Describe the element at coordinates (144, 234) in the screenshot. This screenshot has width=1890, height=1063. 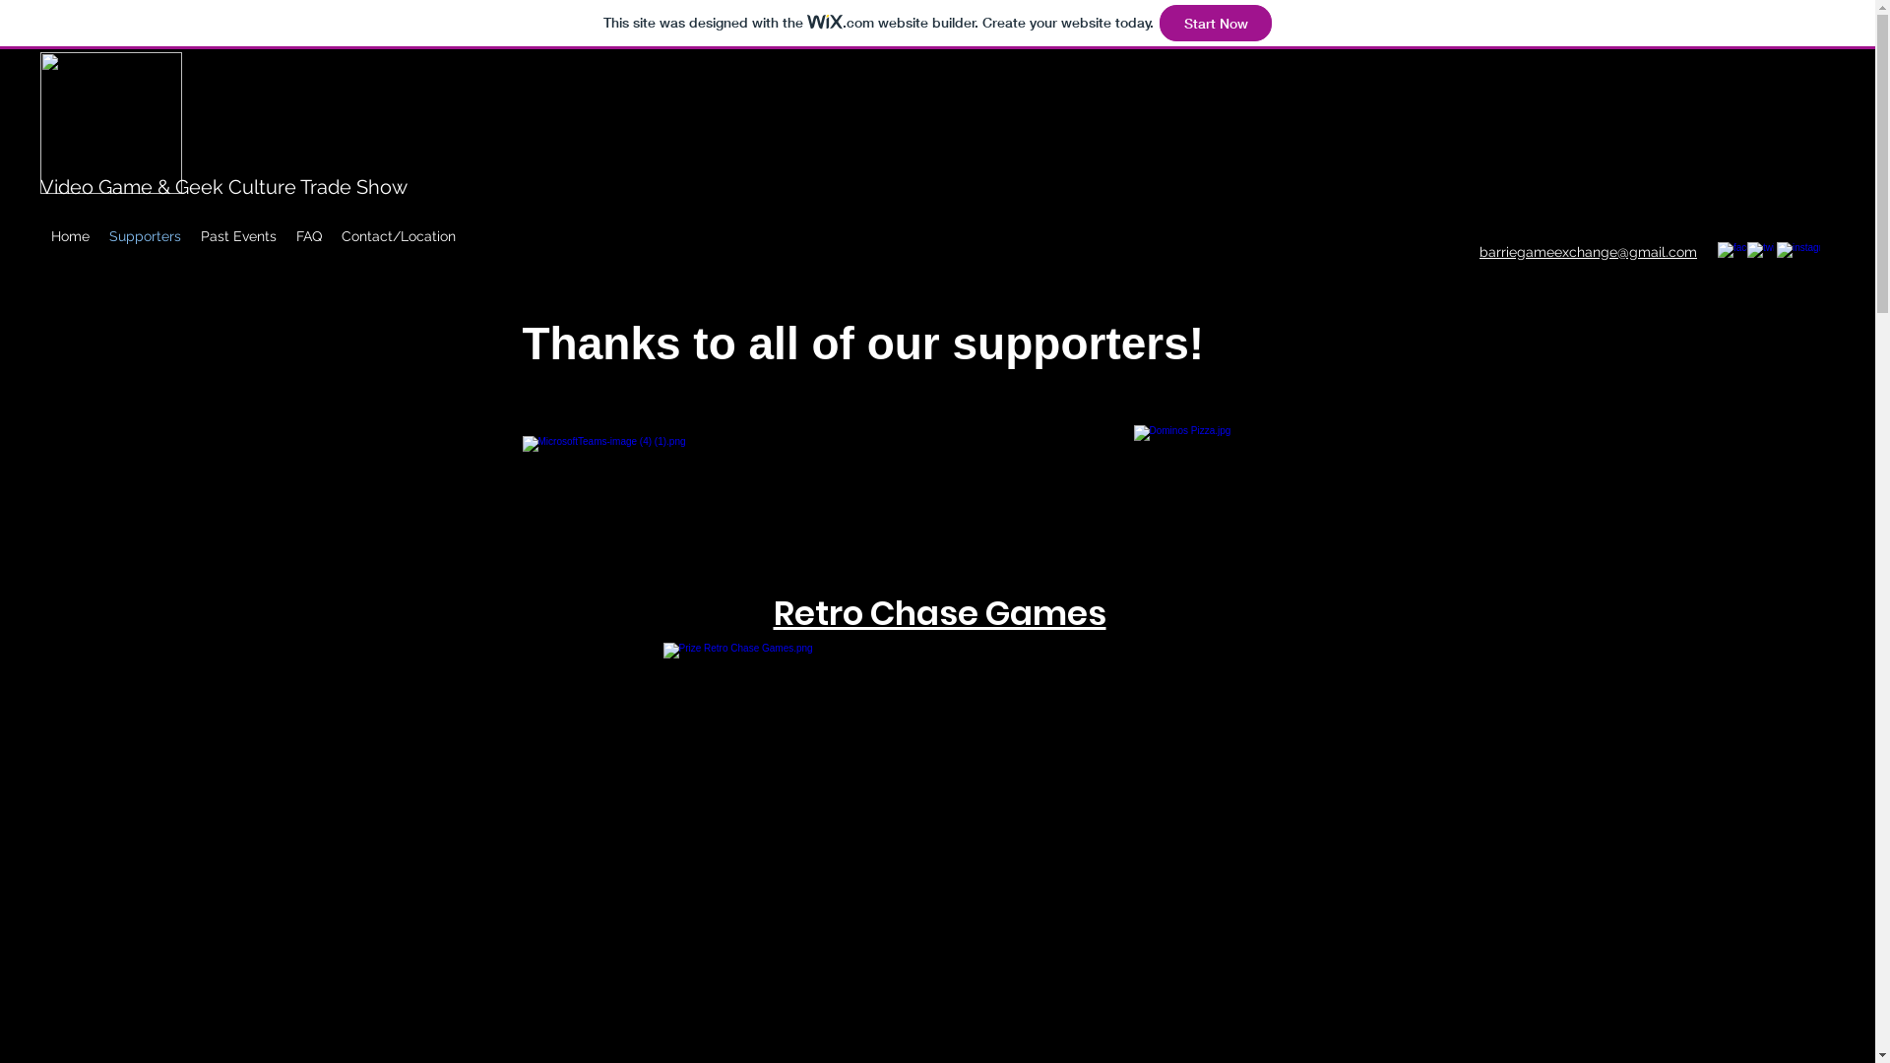
I see `'Supporters'` at that location.